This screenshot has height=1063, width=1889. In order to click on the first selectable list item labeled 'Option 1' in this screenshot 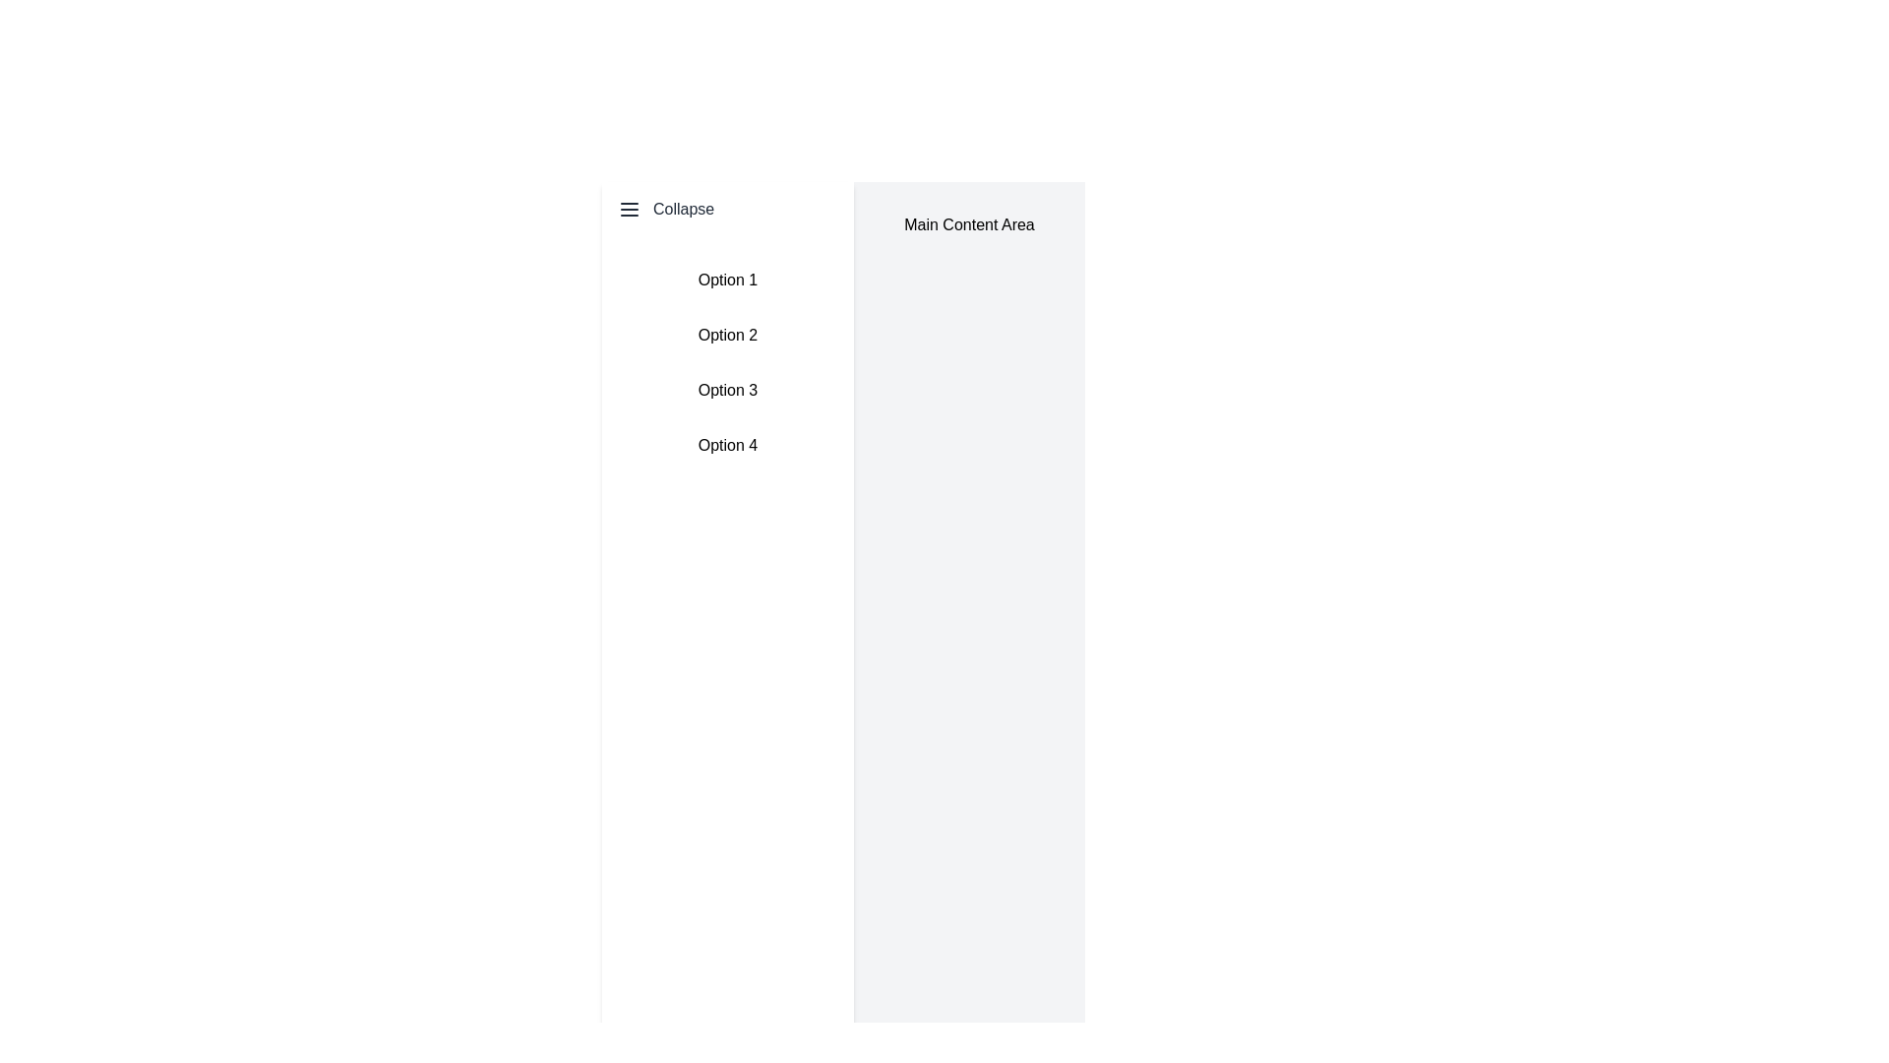, I will do `click(726, 281)`.